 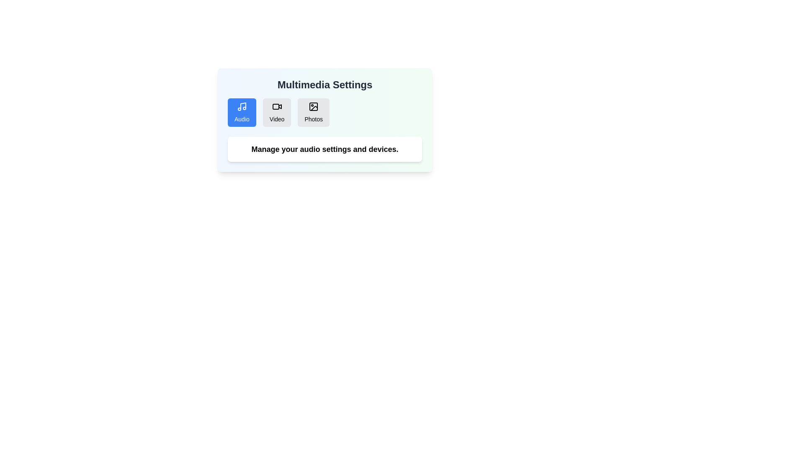 What do you see at coordinates (277, 112) in the screenshot?
I see `the 'Video' button with a light gray background and black text` at bounding box center [277, 112].